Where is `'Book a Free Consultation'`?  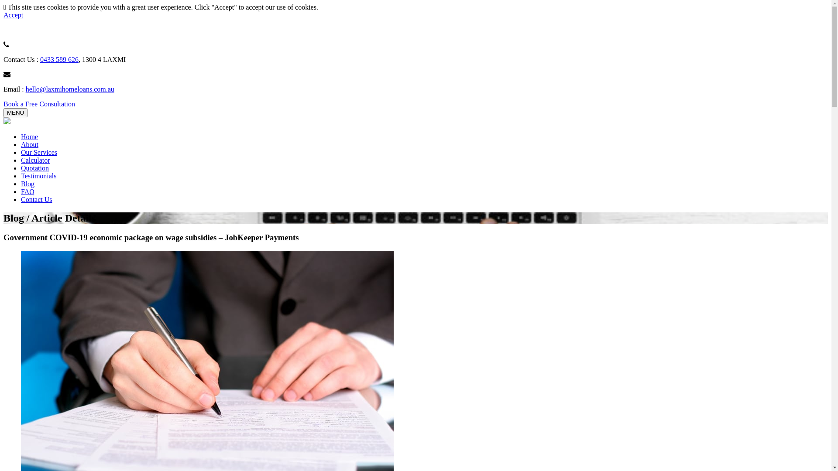 'Book a Free Consultation' is located at coordinates (39, 103).